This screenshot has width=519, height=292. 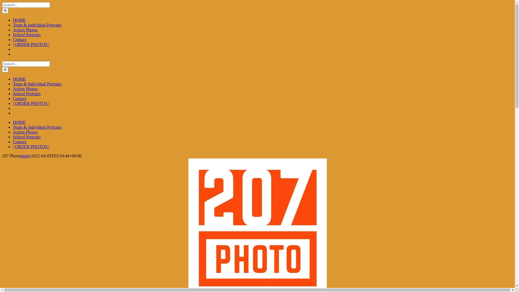 What do you see at coordinates (19, 122) in the screenshot?
I see `'HOME'` at bounding box center [19, 122].